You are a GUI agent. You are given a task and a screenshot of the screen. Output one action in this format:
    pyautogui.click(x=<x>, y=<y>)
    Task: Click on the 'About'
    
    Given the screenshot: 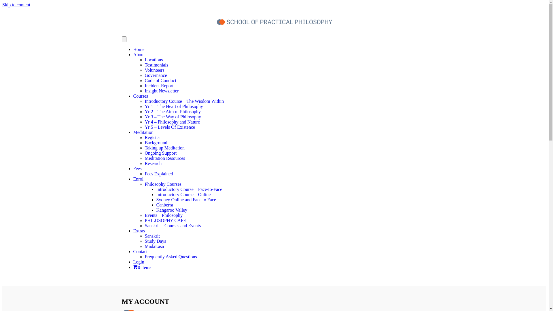 What is the action you would take?
    pyautogui.click(x=139, y=54)
    